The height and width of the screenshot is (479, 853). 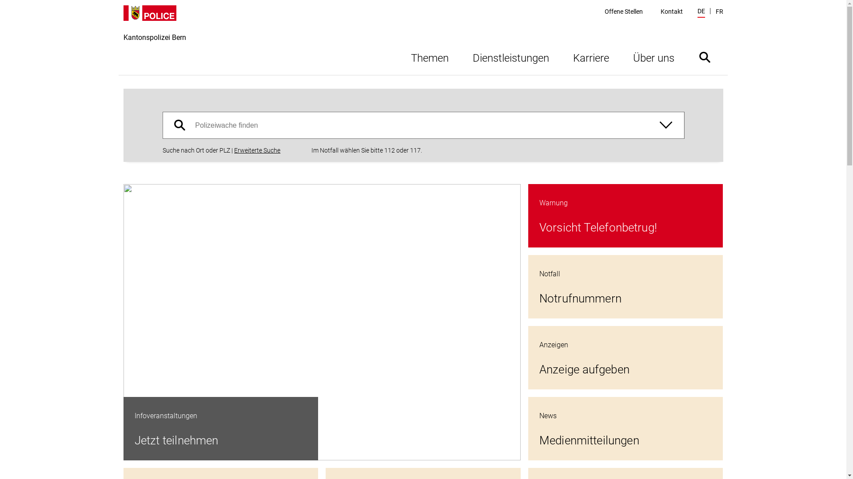 I want to click on 'Vorsicht Telefonbetrug!, so click(x=625, y=216).